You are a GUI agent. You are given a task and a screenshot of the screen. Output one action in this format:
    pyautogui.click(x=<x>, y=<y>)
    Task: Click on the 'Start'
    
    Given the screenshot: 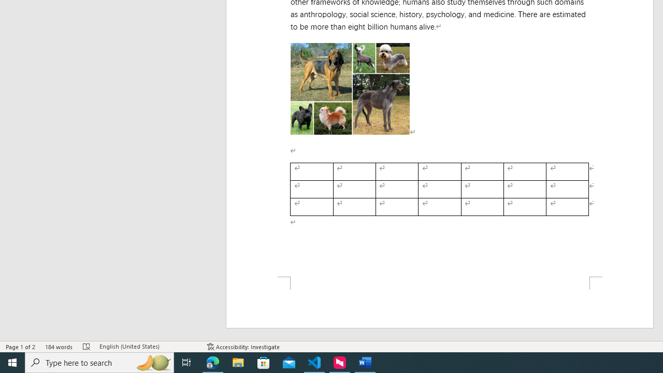 What is the action you would take?
    pyautogui.click(x=12, y=362)
    